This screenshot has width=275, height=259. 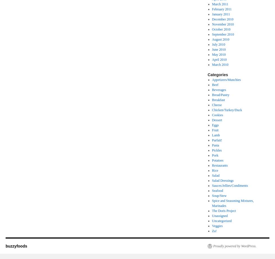 What do you see at coordinates (215, 145) in the screenshot?
I see `'Pasta'` at bounding box center [215, 145].